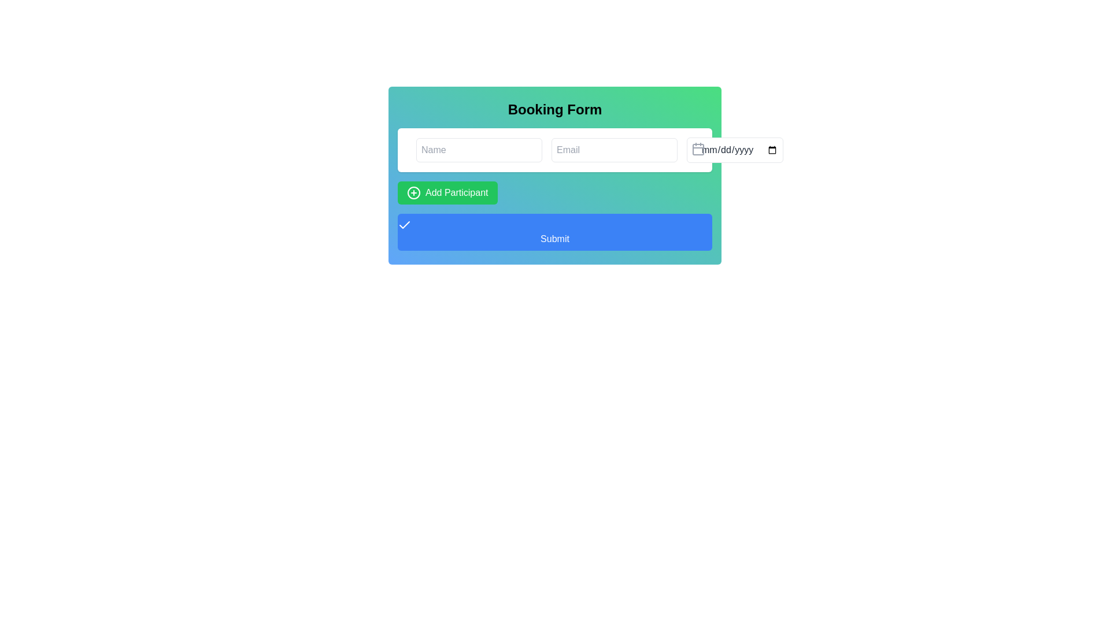 This screenshot has width=1110, height=624. I want to click on the SVG circle representing the addition action in the 'Add Participant' feature, located at the center of the 'Add Participant' button, so click(413, 192).